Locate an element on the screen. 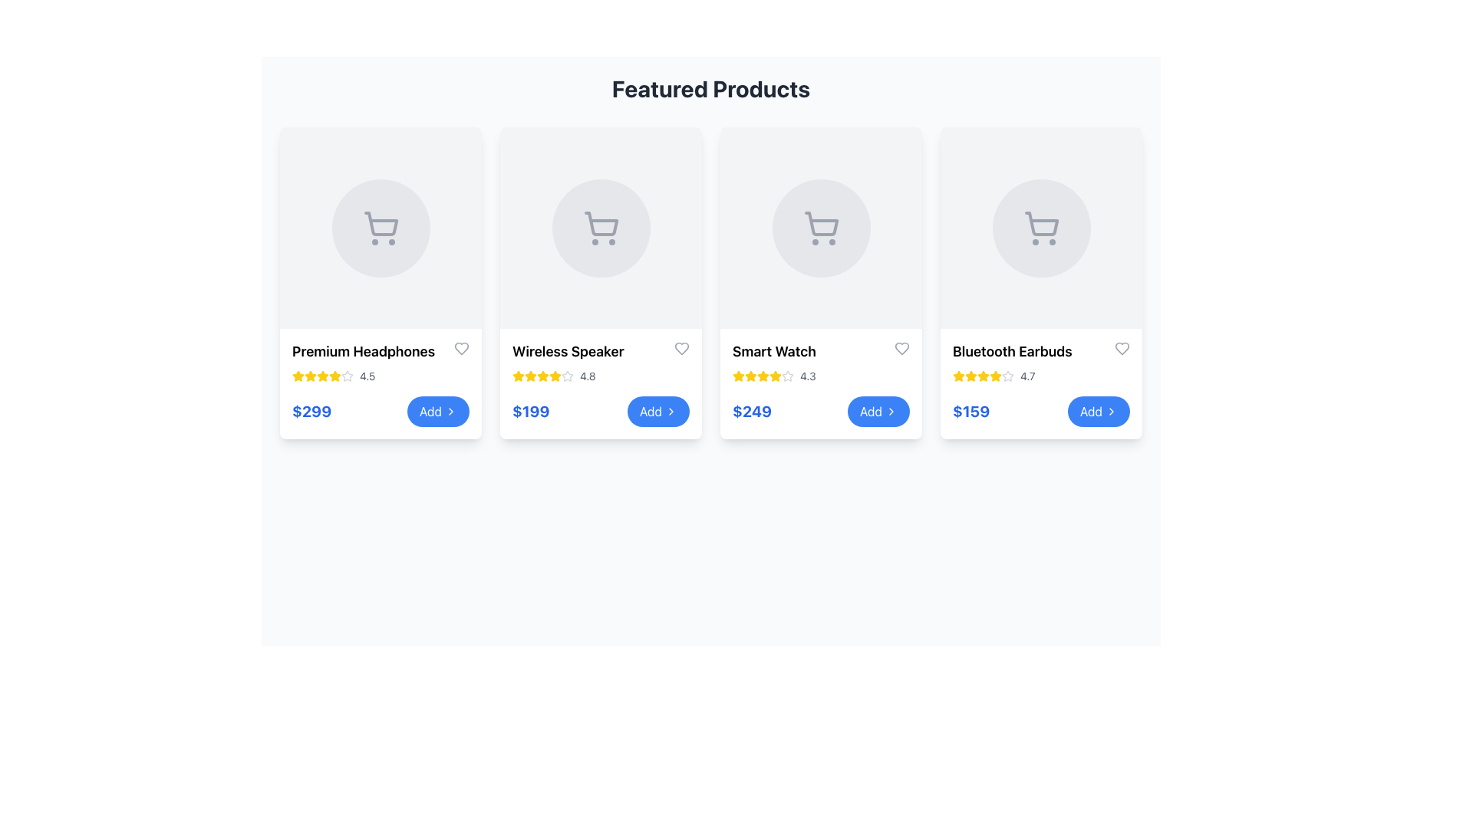  the decorative icon indicating the shopping-related feature of the 'Wireless Speaker' product, located at the center of the circular area on the card in the second column of the products grid is located at coordinates (600, 228).